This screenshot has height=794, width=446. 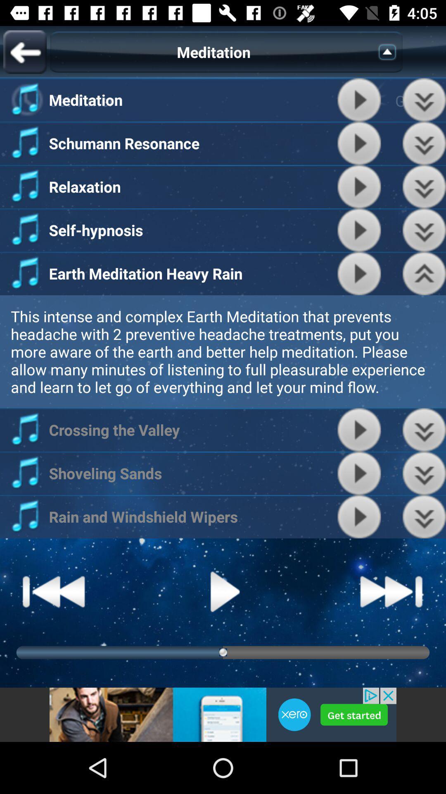 What do you see at coordinates (359, 273) in the screenshot?
I see `click start` at bounding box center [359, 273].